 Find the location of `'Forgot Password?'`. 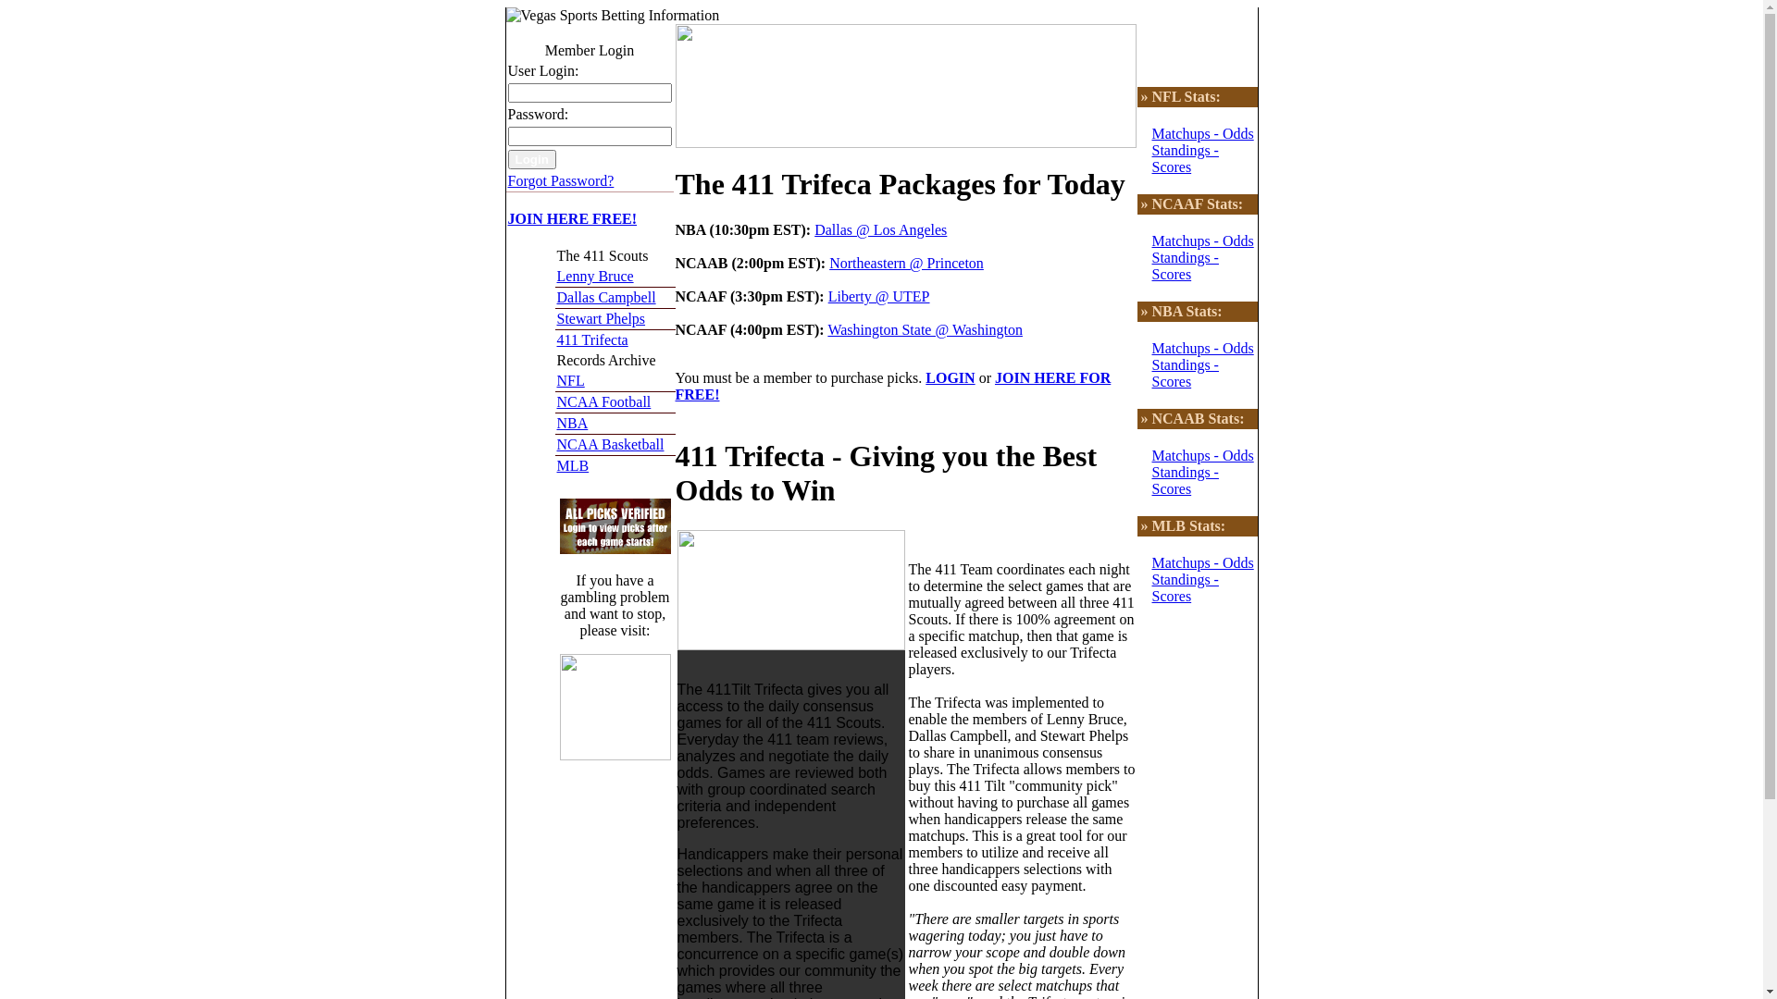

'Forgot Password?' is located at coordinates (506, 180).